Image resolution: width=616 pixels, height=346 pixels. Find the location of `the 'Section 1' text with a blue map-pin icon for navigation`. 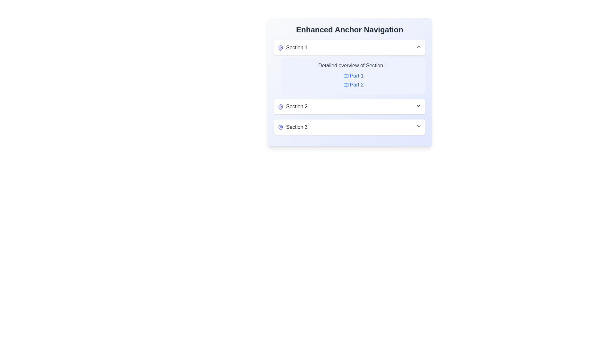

the 'Section 1' text with a blue map-pin icon for navigation is located at coordinates (292, 47).